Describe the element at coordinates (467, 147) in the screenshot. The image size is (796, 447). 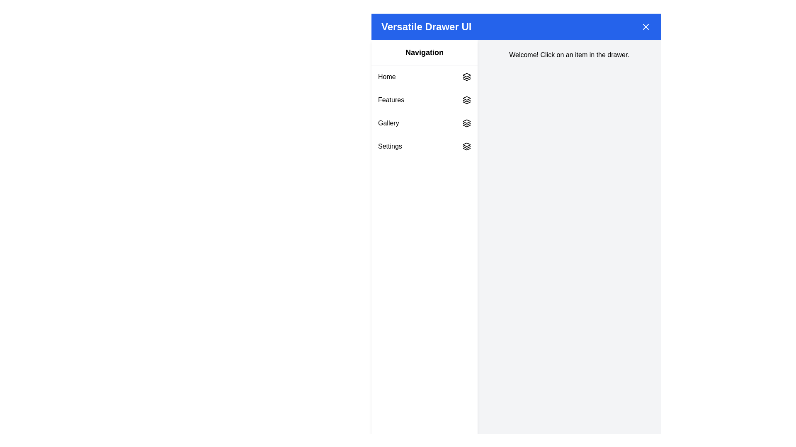
I see `the Settings icon in the navigation menu, which is visually represented by an icon associated with its text label` at that location.